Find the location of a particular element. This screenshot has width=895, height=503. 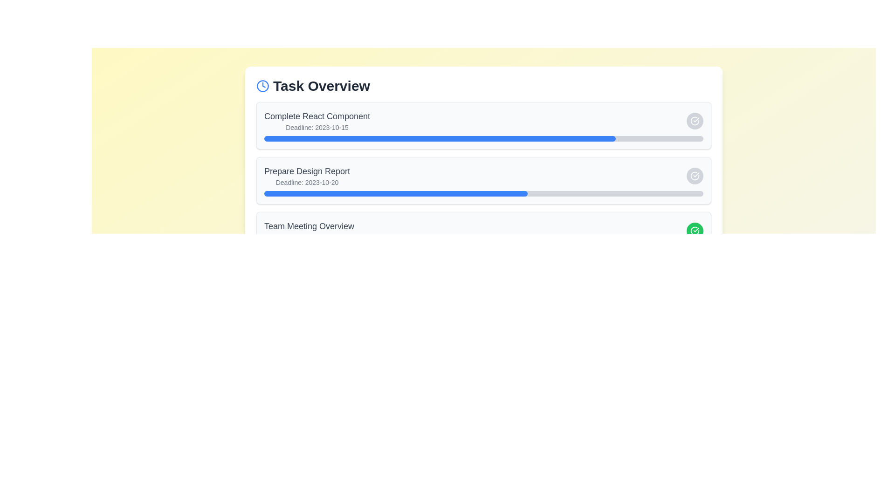

the confirmation SVG icon located inside the rounded button to the right of the 'Prepare Design Report' task item is located at coordinates (695, 176).